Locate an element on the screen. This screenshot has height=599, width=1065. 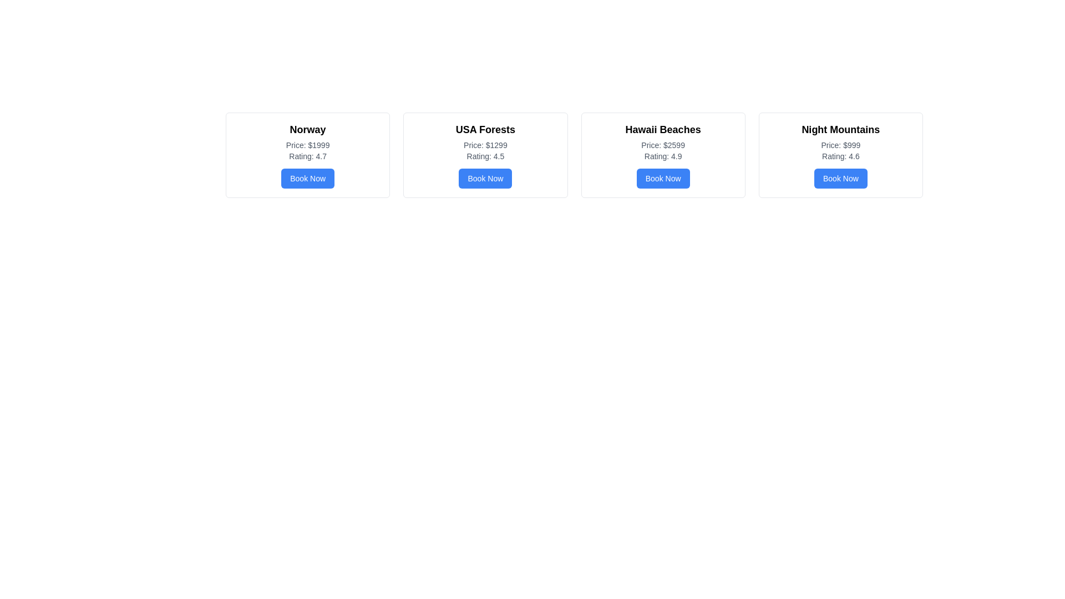
the 'Book Now' button located at the bottom of the Norway trip card to initiate booking is located at coordinates (308, 177).